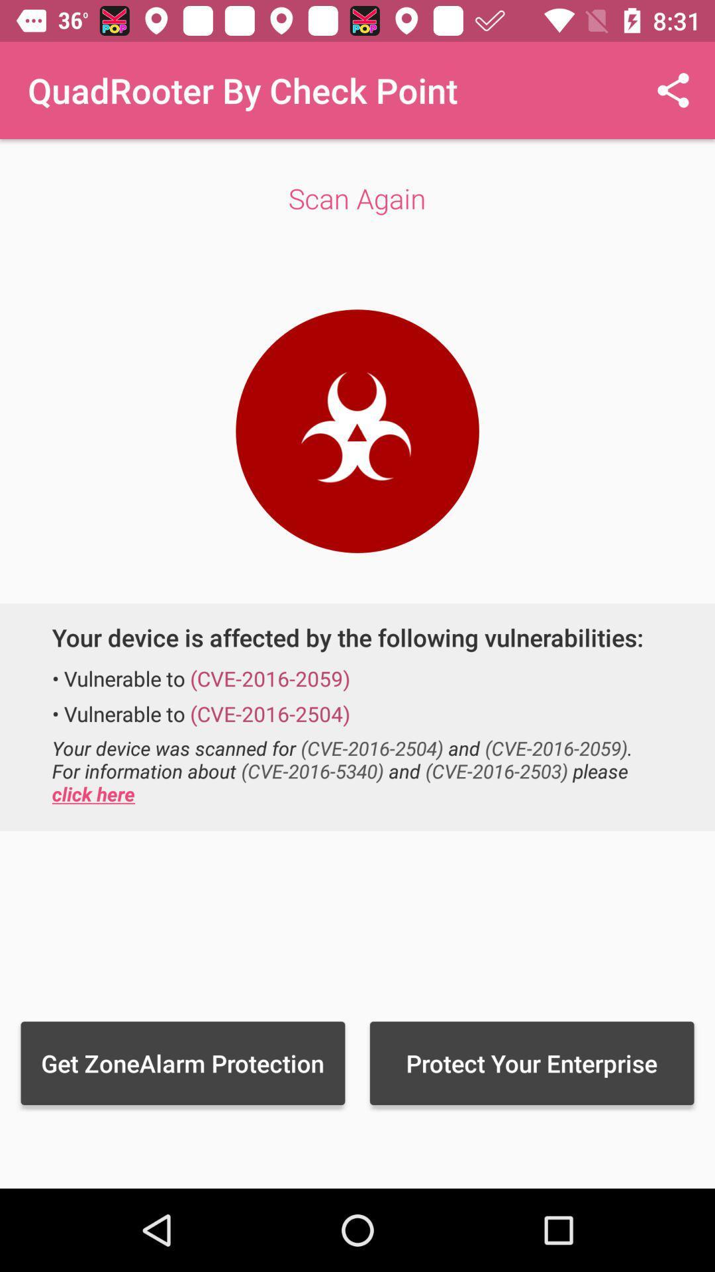 This screenshot has height=1272, width=715. What do you see at coordinates (183, 1063) in the screenshot?
I see `icon below your device was icon` at bounding box center [183, 1063].